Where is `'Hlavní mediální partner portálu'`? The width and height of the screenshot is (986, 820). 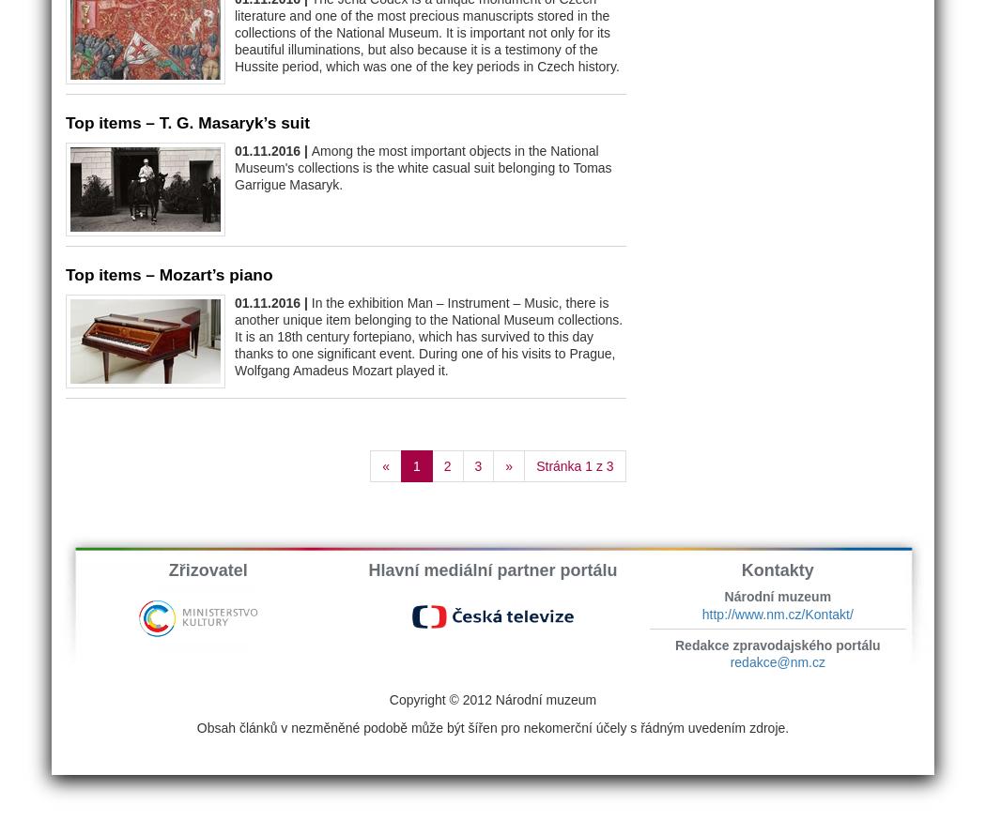
'Hlavní mediální partner portálu' is located at coordinates (491, 569).